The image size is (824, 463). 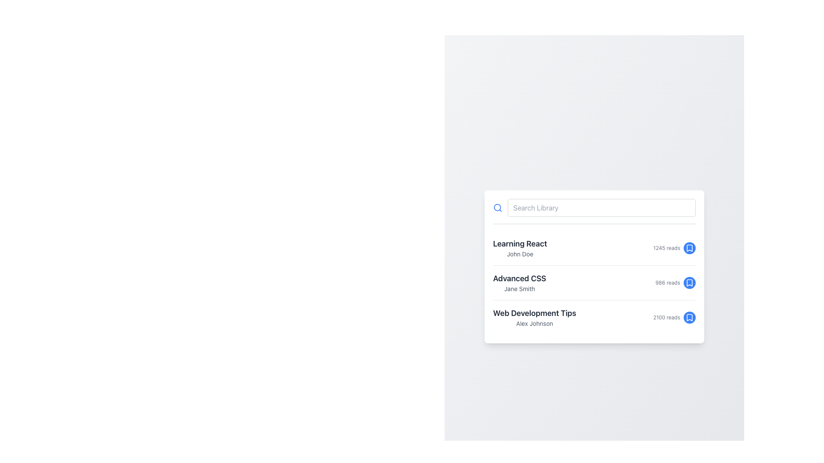 What do you see at coordinates (690, 283) in the screenshot?
I see `the Bookmark Icon next to the 'Advanced CSS' list item to bookmark the item for later reference` at bounding box center [690, 283].